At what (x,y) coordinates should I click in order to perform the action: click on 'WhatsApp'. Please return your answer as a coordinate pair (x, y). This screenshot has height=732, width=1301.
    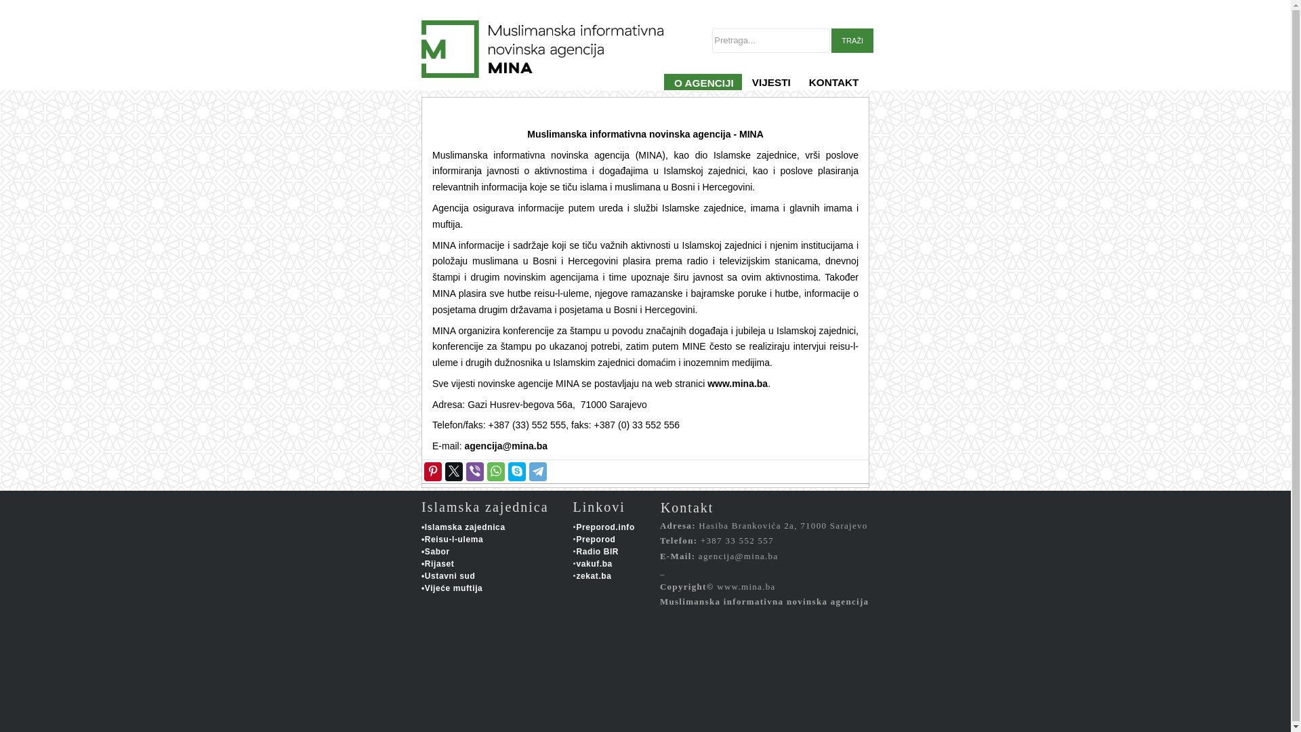
    Looking at the image, I should click on (495, 470).